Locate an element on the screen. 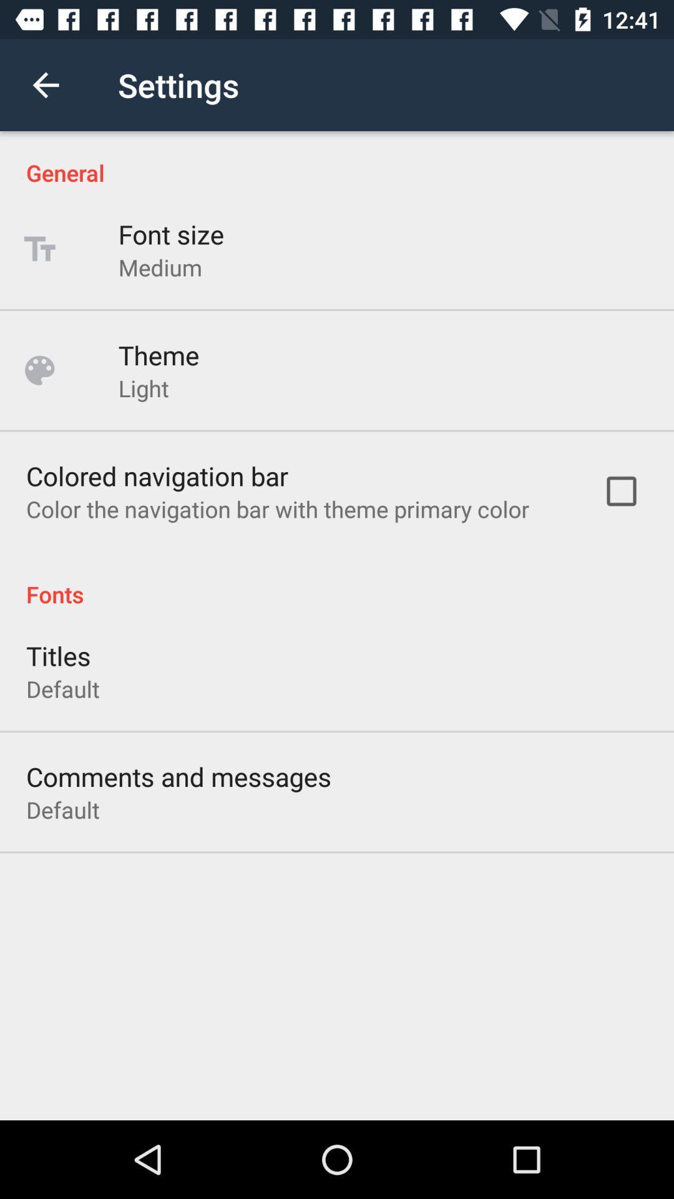 This screenshot has height=1199, width=674. the icon next to the settings is located at coordinates (45, 84).